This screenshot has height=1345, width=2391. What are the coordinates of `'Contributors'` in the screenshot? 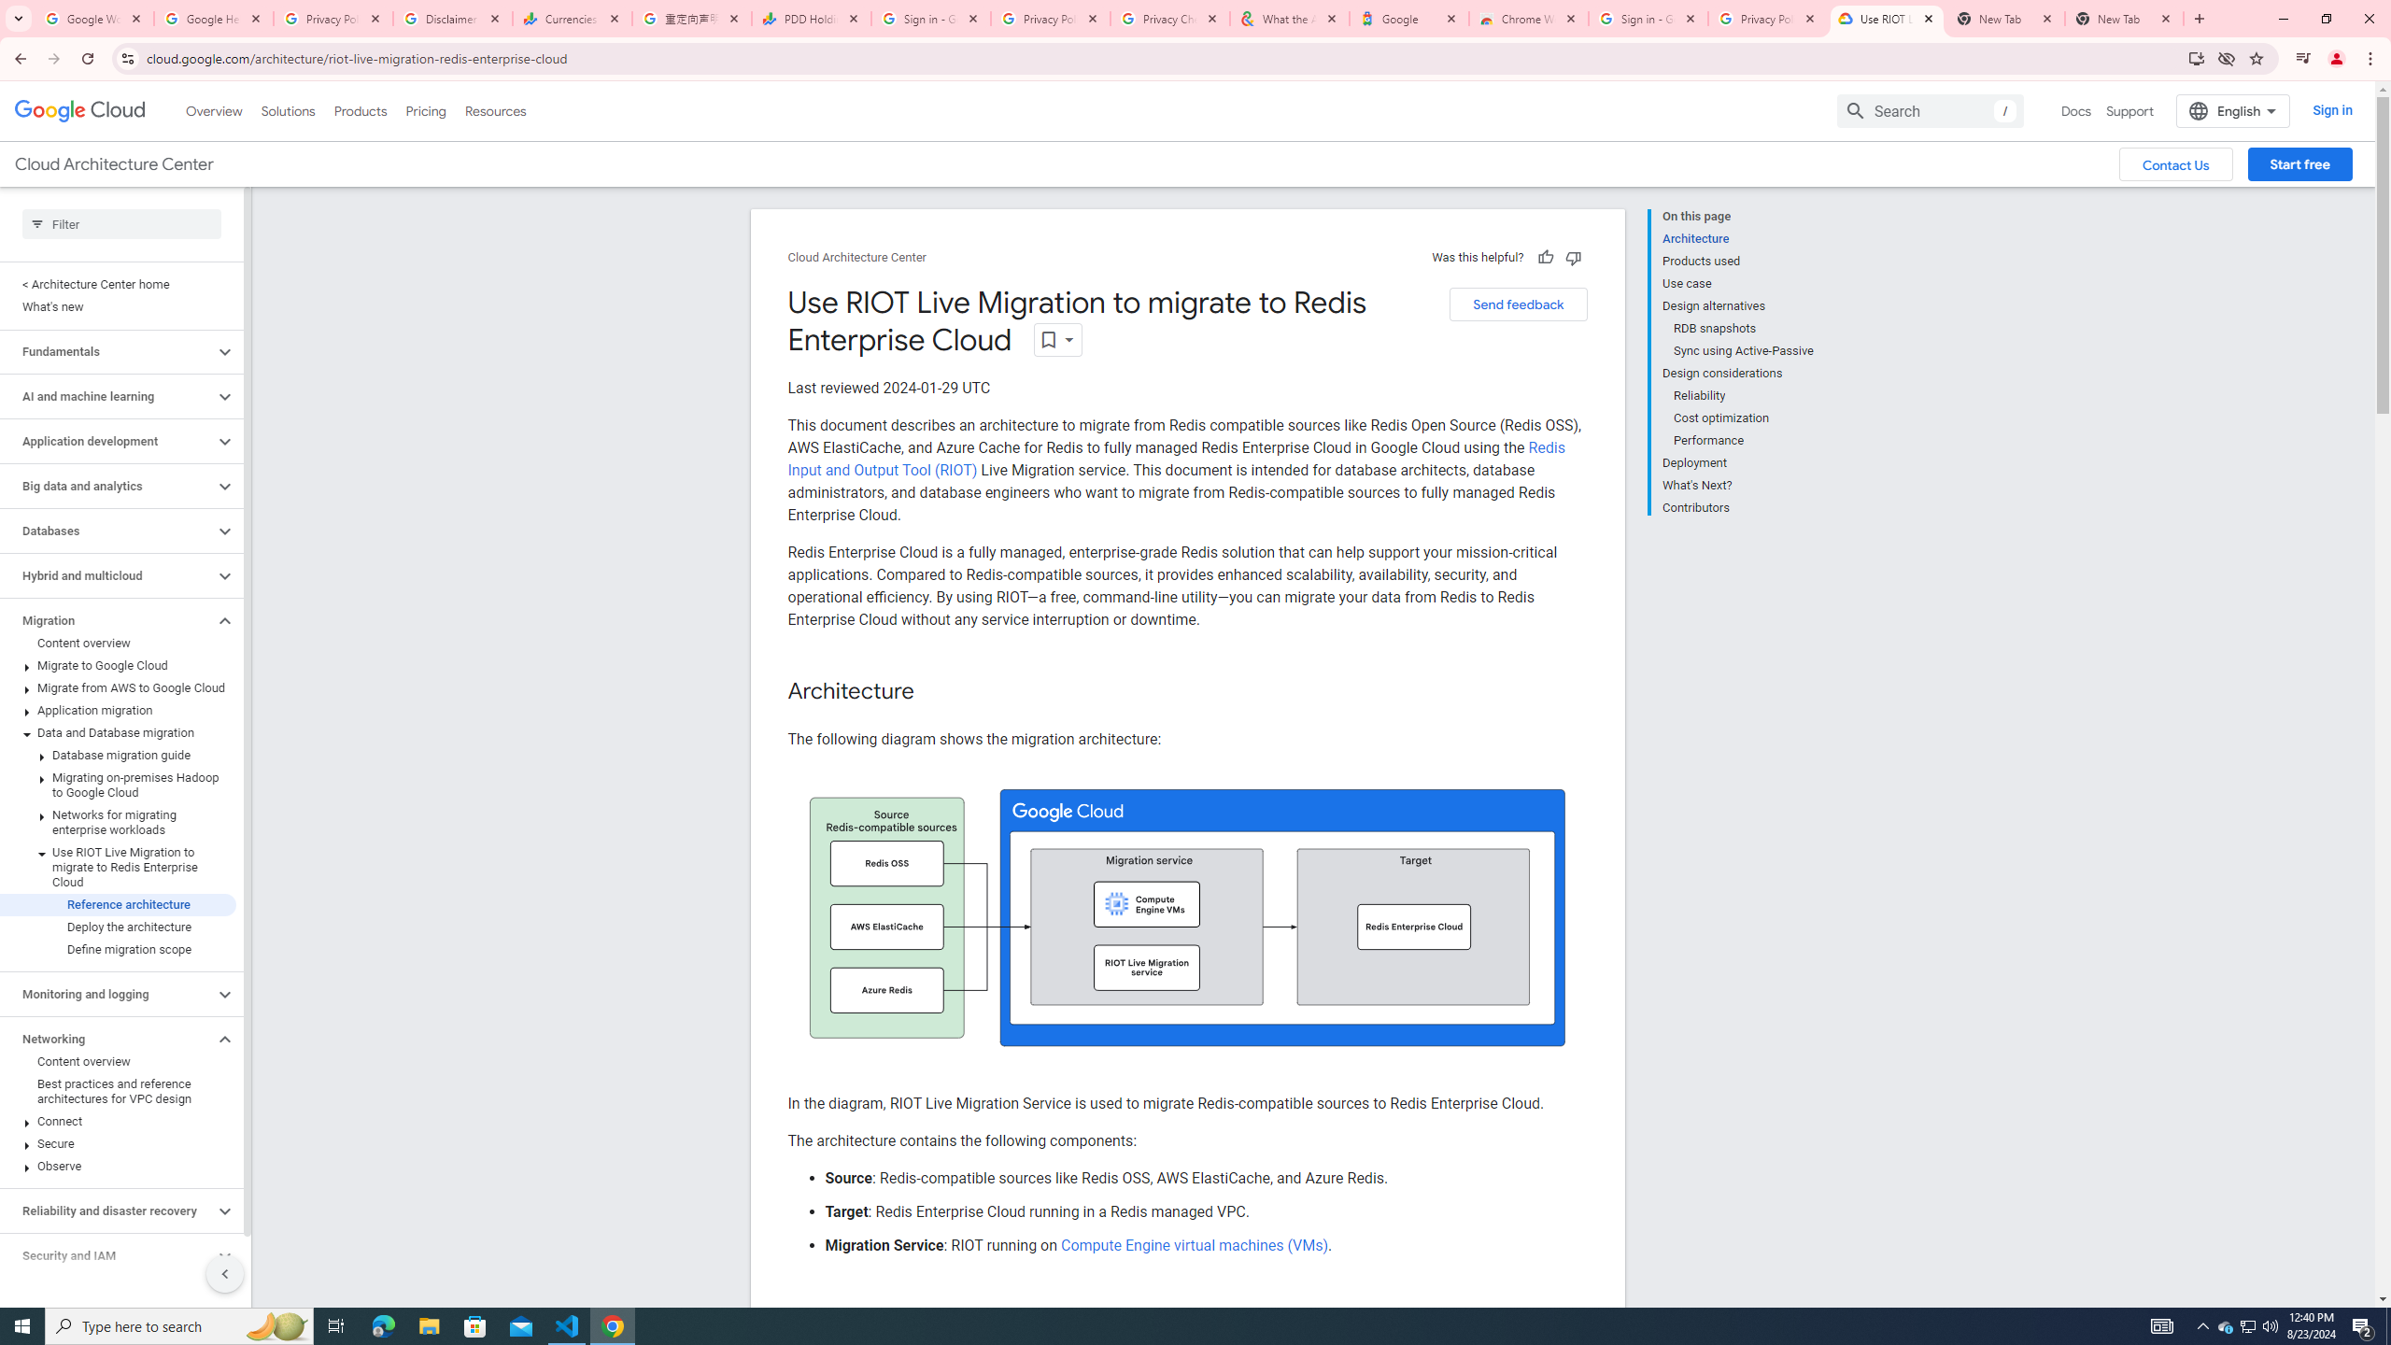 It's located at (1737, 504).